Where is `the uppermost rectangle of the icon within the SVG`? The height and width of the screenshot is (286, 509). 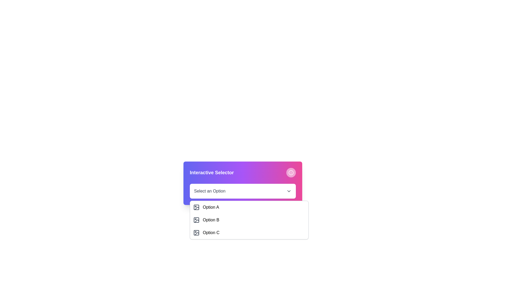
the uppermost rectangle of the icon within the SVG is located at coordinates (196, 207).